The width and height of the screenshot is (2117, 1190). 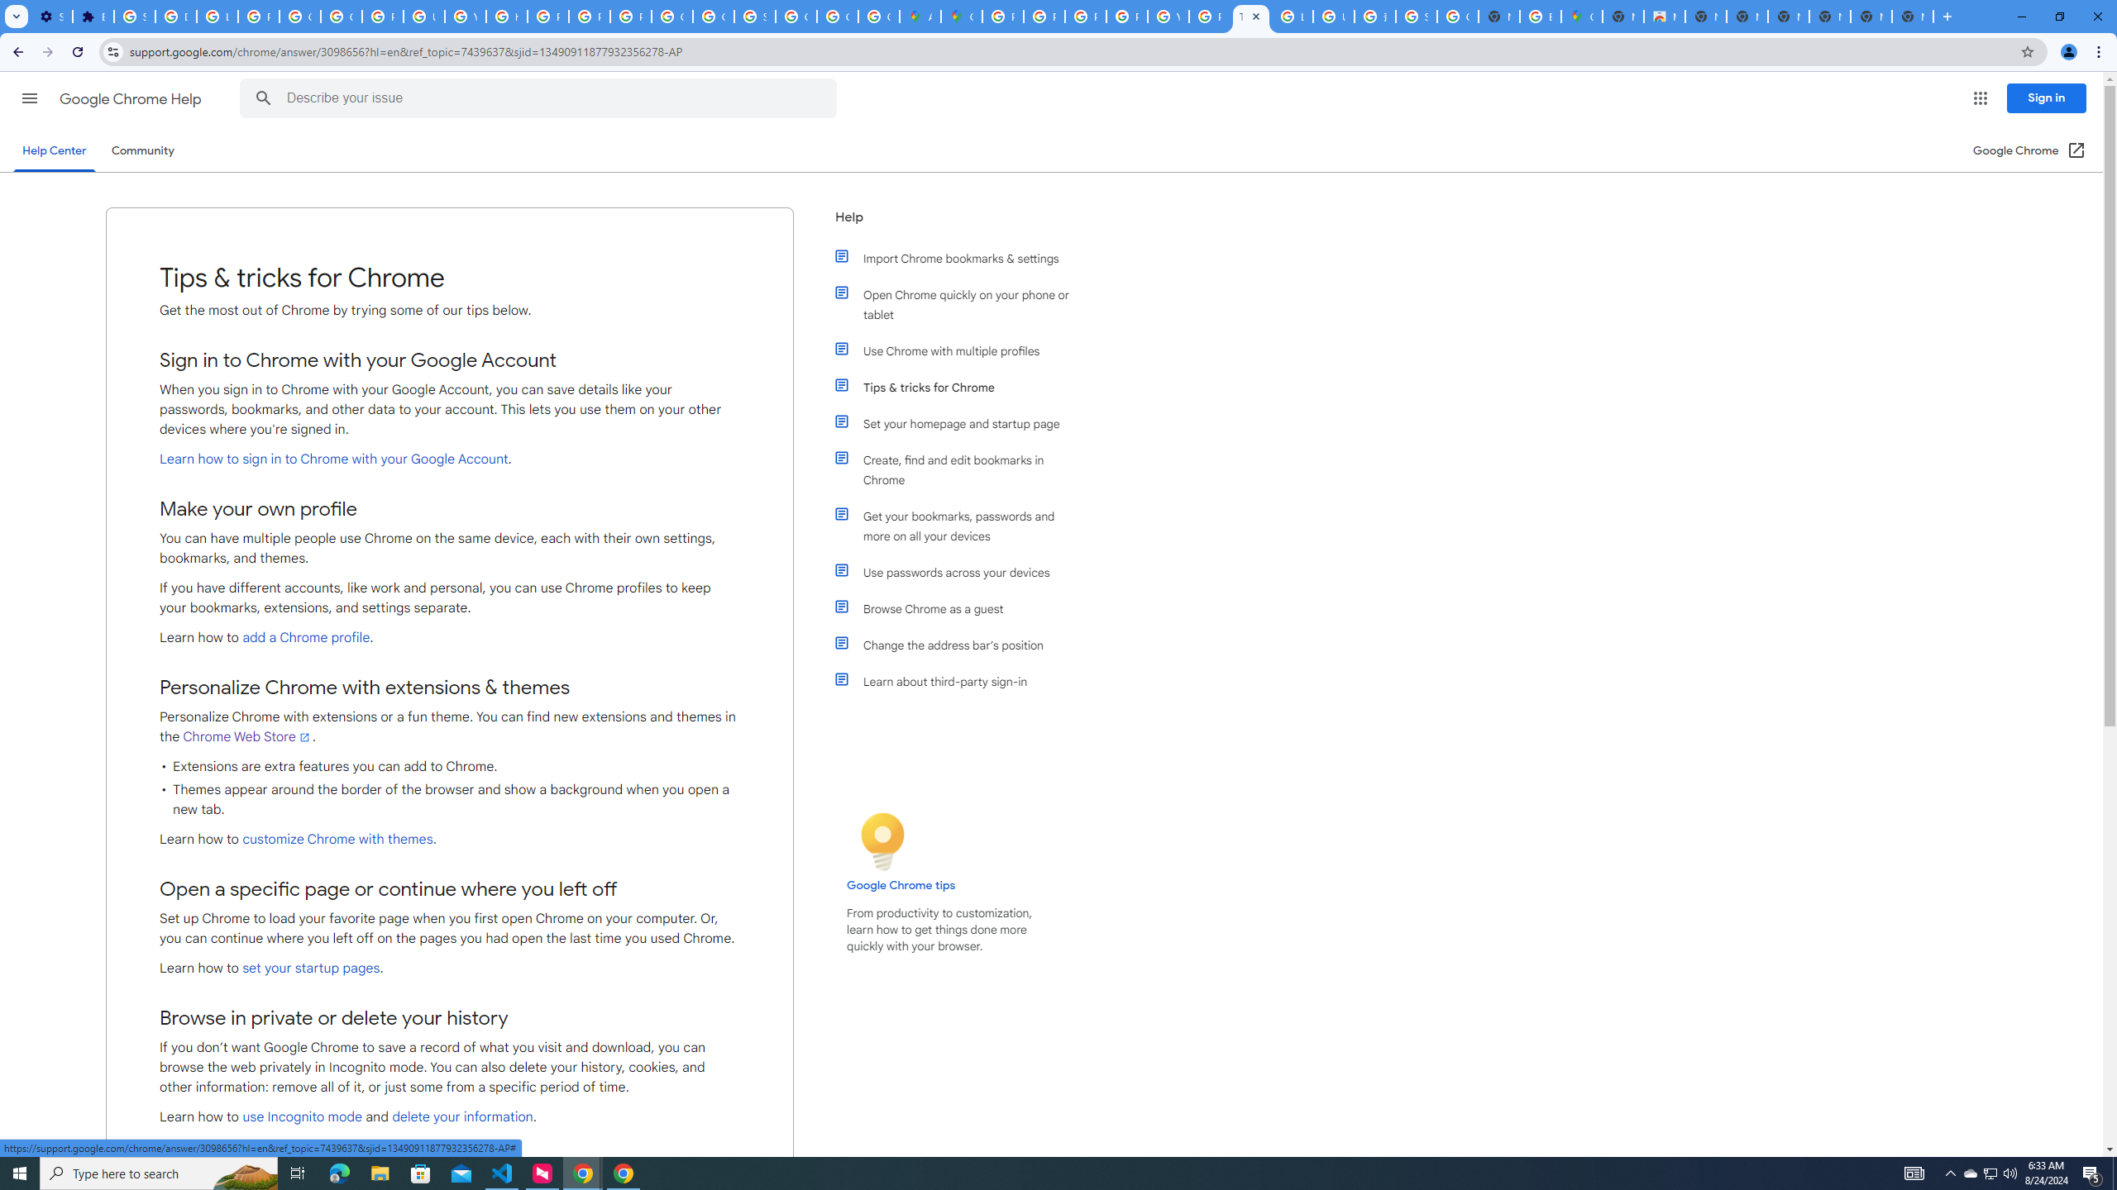 What do you see at coordinates (540, 98) in the screenshot?
I see `'Describe your issue'` at bounding box center [540, 98].